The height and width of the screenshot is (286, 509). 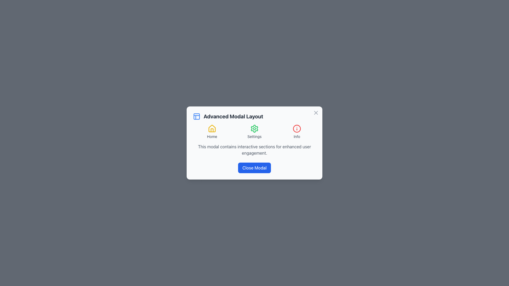 What do you see at coordinates (254, 116) in the screenshot?
I see `the Text Label with Icon at the top of the modal dialog, which serves as the title or heading for the modal` at bounding box center [254, 116].